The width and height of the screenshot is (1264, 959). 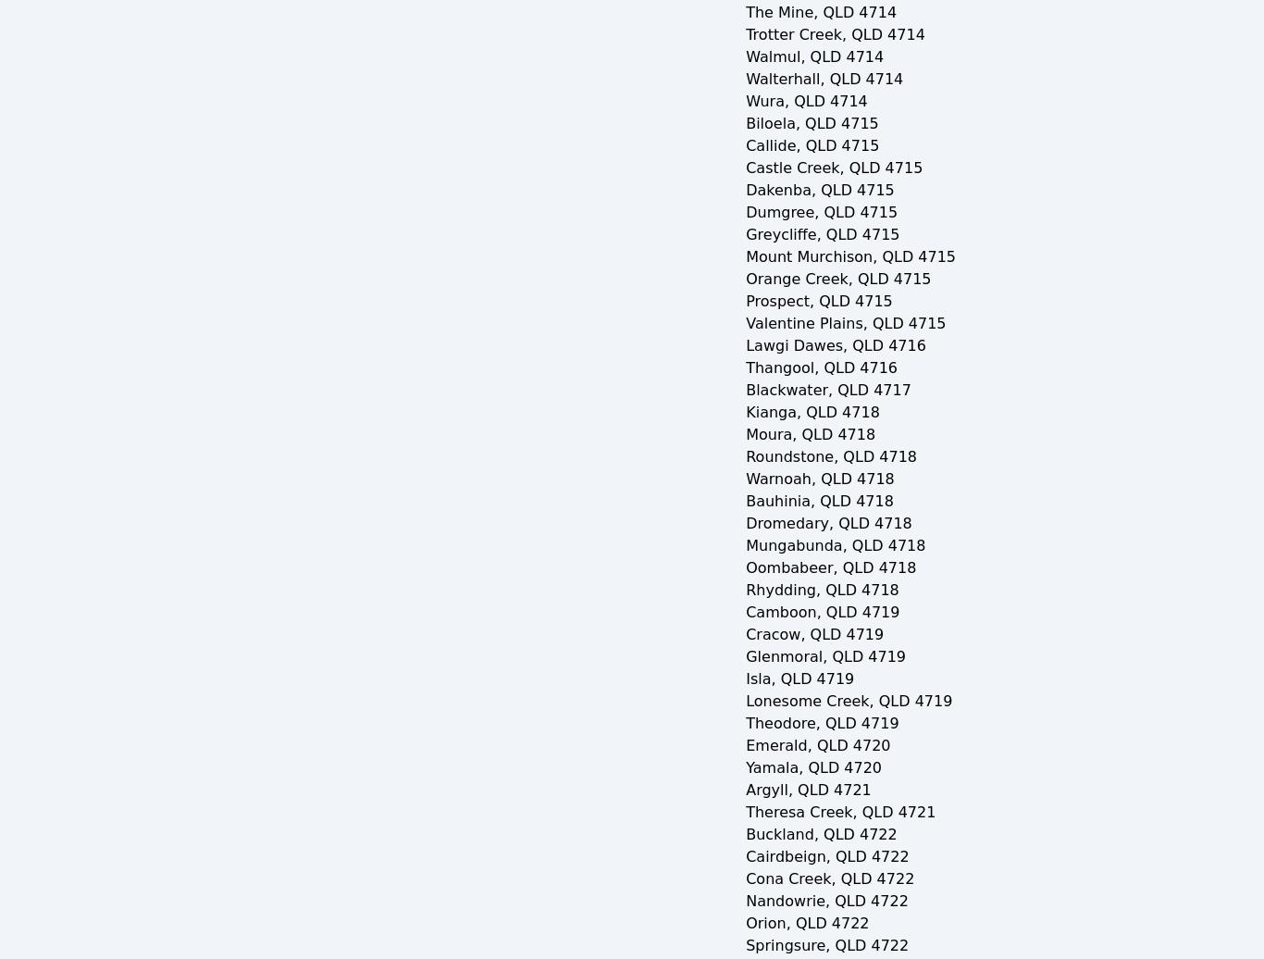 What do you see at coordinates (744, 390) in the screenshot?
I see `'Blackwater, QLD 4717'` at bounding box center [744, 390].